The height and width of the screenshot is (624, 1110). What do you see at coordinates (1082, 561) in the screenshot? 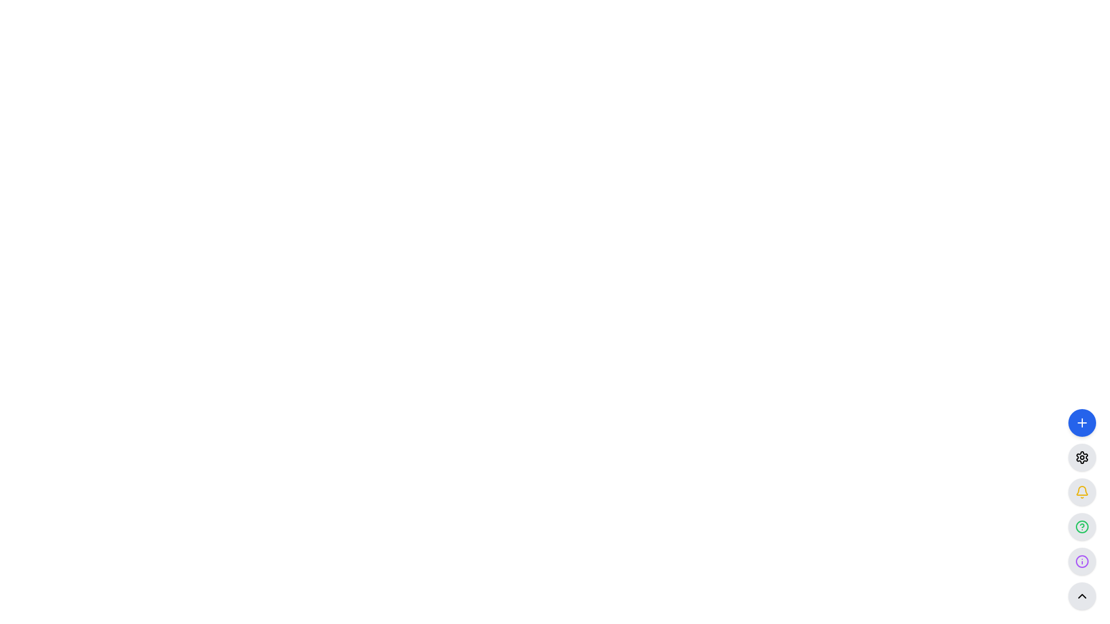
I see `the outer purple circular boundary of the SVG graphic, which is the fifth icon from the top in the vertical toolbar located in the bottom right corner of the application interface` at bounding box center [1082, 561].